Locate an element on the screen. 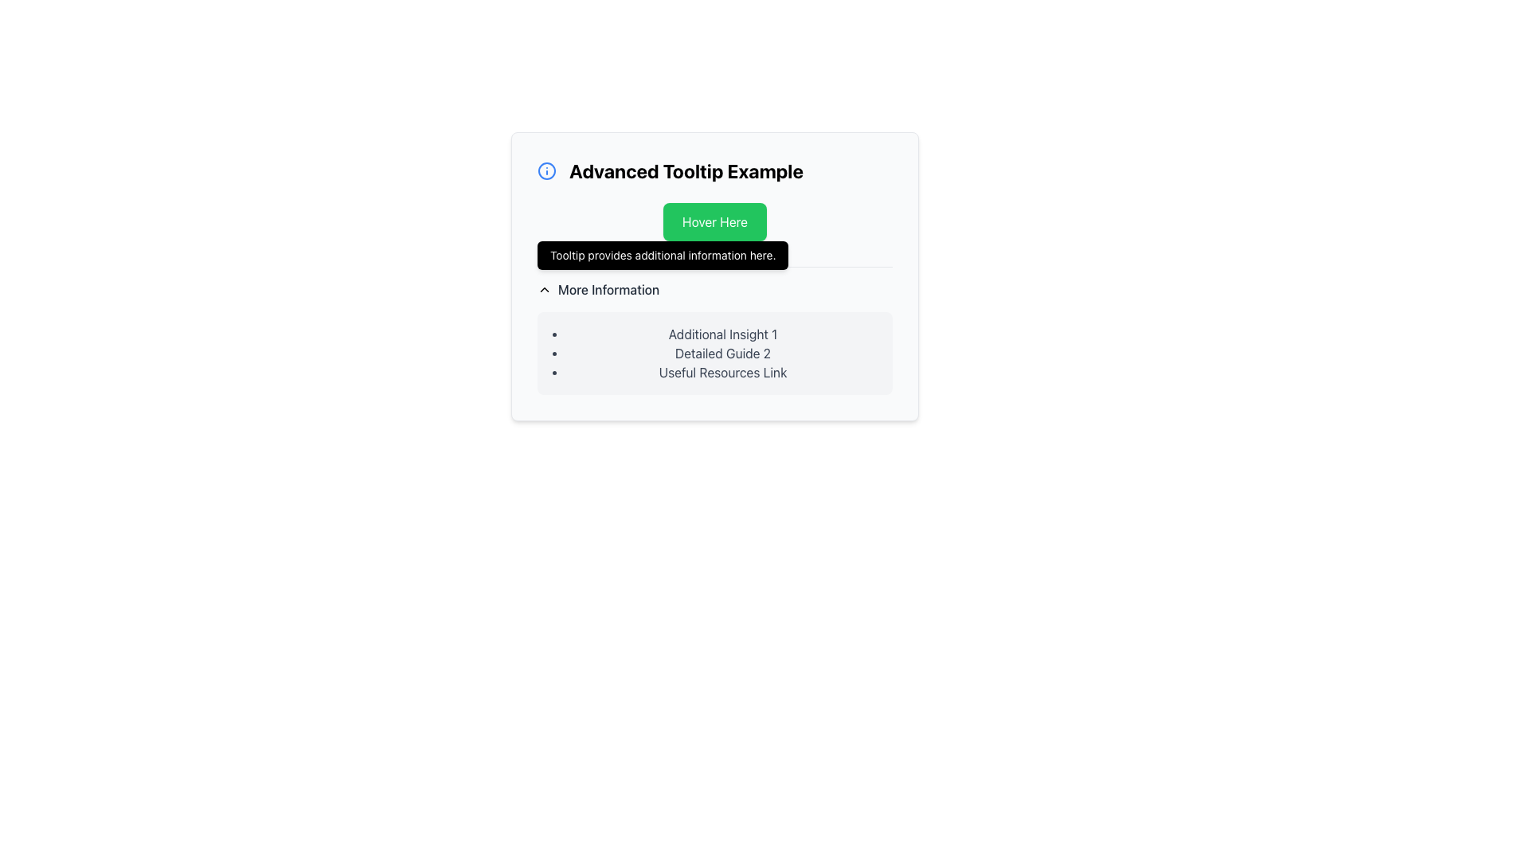 This screenshot has height=860, width=1529. the green rectangular button labeled 'Hover Here' which changes to a darker green on hover is located at coordinates (714, 221).